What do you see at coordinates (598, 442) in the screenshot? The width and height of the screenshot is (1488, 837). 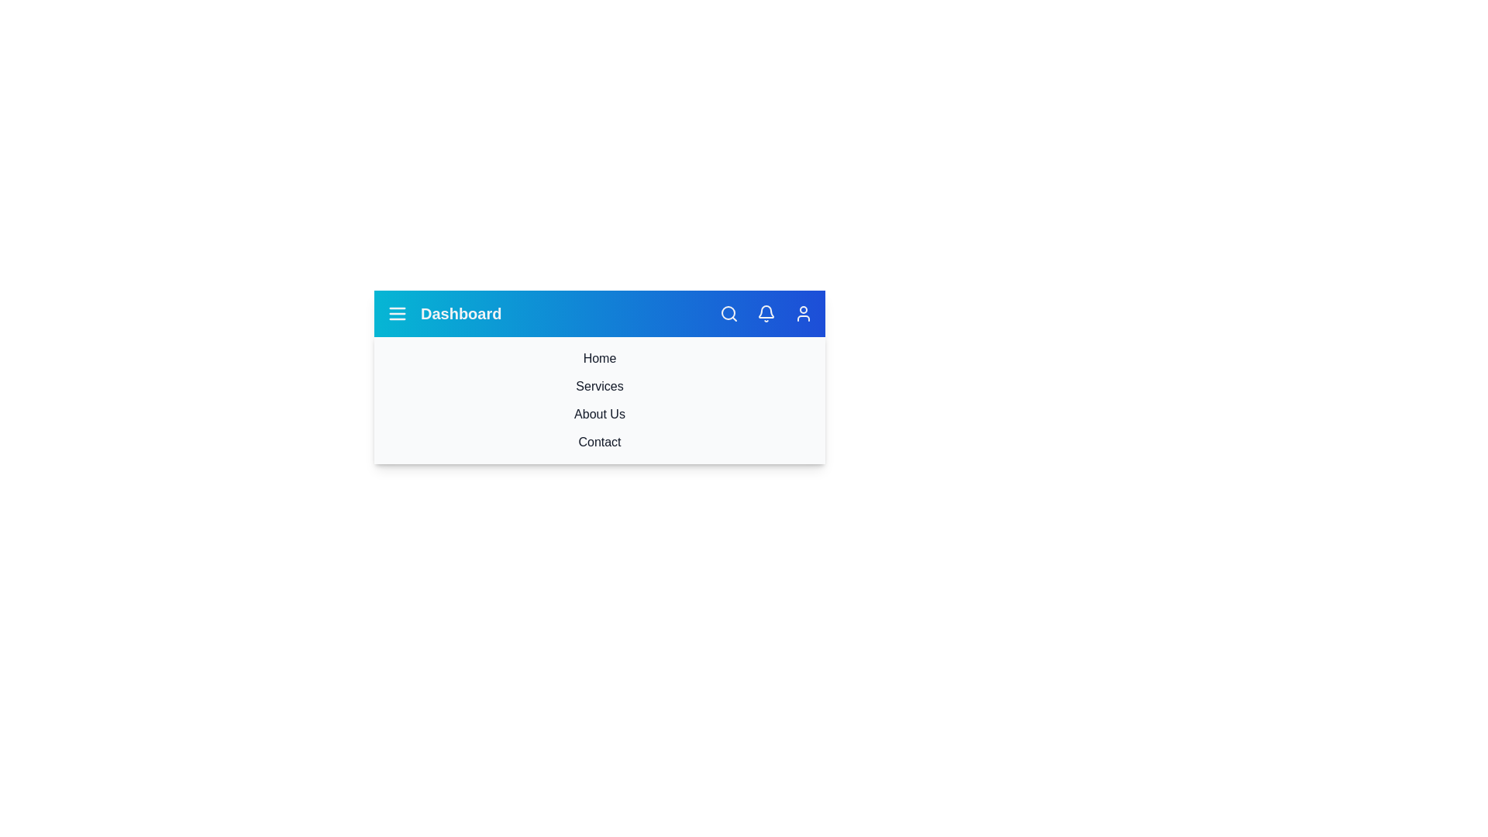 I see `the navigation item Contact by clicking on it` at bounding box center [598, 442].